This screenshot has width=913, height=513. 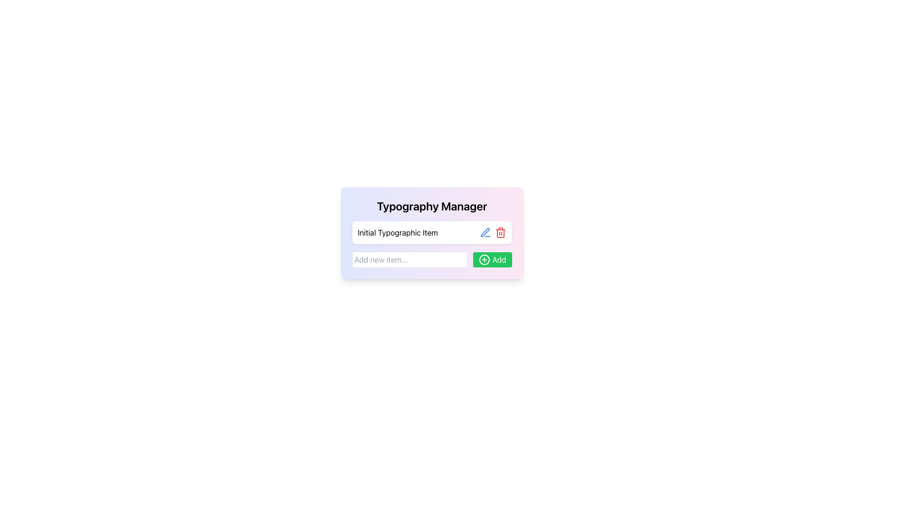 What do you see at coordinates (485, 232) in the screenshot?
I see `the blue pen icon button located to the right of the 'Initial Typographic Item' text input field to initiate editing` at bounding box center [485, 232].